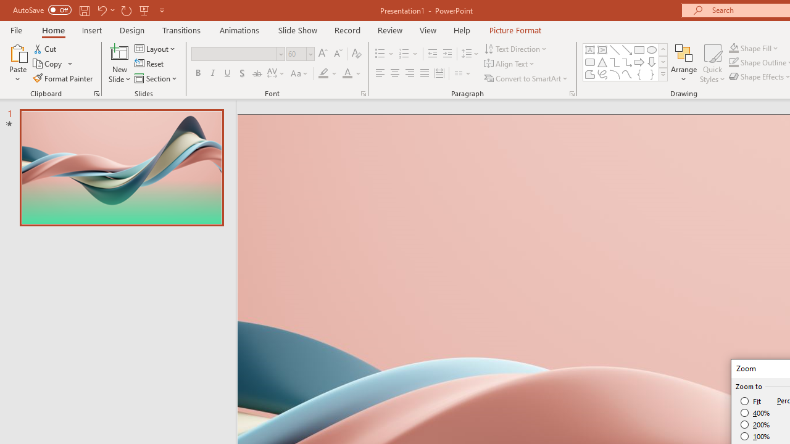  Describe the element at coordinates (338, 53) in the screenshot. I see `'Decrease Font Size'` at that location.